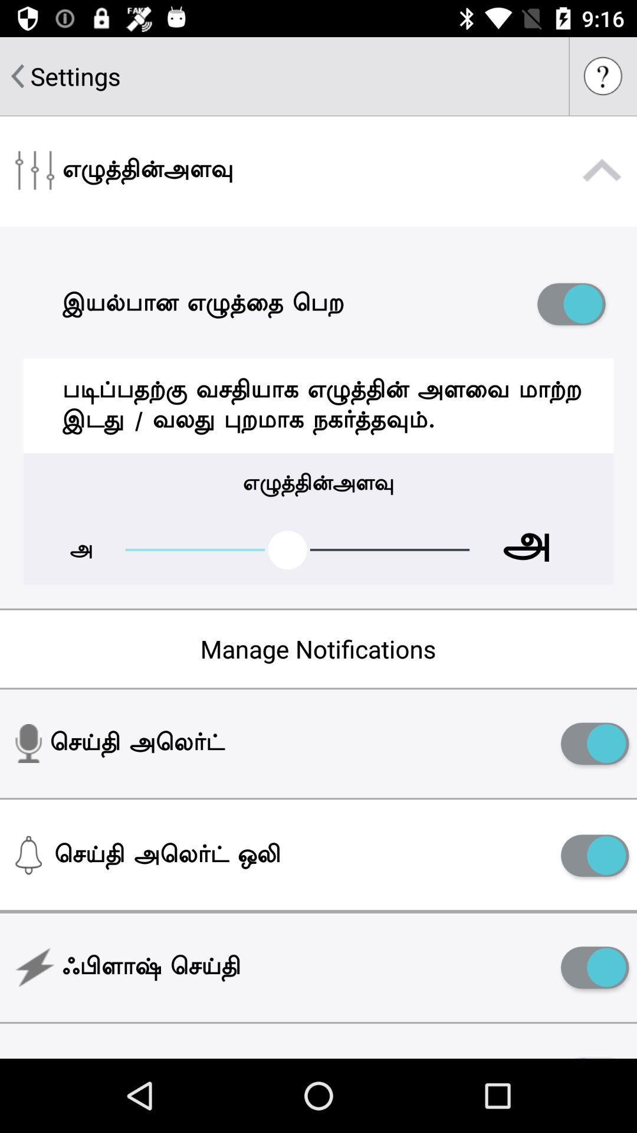 The image size is (637, 1133). I want to click on access help, so click(603, 76).